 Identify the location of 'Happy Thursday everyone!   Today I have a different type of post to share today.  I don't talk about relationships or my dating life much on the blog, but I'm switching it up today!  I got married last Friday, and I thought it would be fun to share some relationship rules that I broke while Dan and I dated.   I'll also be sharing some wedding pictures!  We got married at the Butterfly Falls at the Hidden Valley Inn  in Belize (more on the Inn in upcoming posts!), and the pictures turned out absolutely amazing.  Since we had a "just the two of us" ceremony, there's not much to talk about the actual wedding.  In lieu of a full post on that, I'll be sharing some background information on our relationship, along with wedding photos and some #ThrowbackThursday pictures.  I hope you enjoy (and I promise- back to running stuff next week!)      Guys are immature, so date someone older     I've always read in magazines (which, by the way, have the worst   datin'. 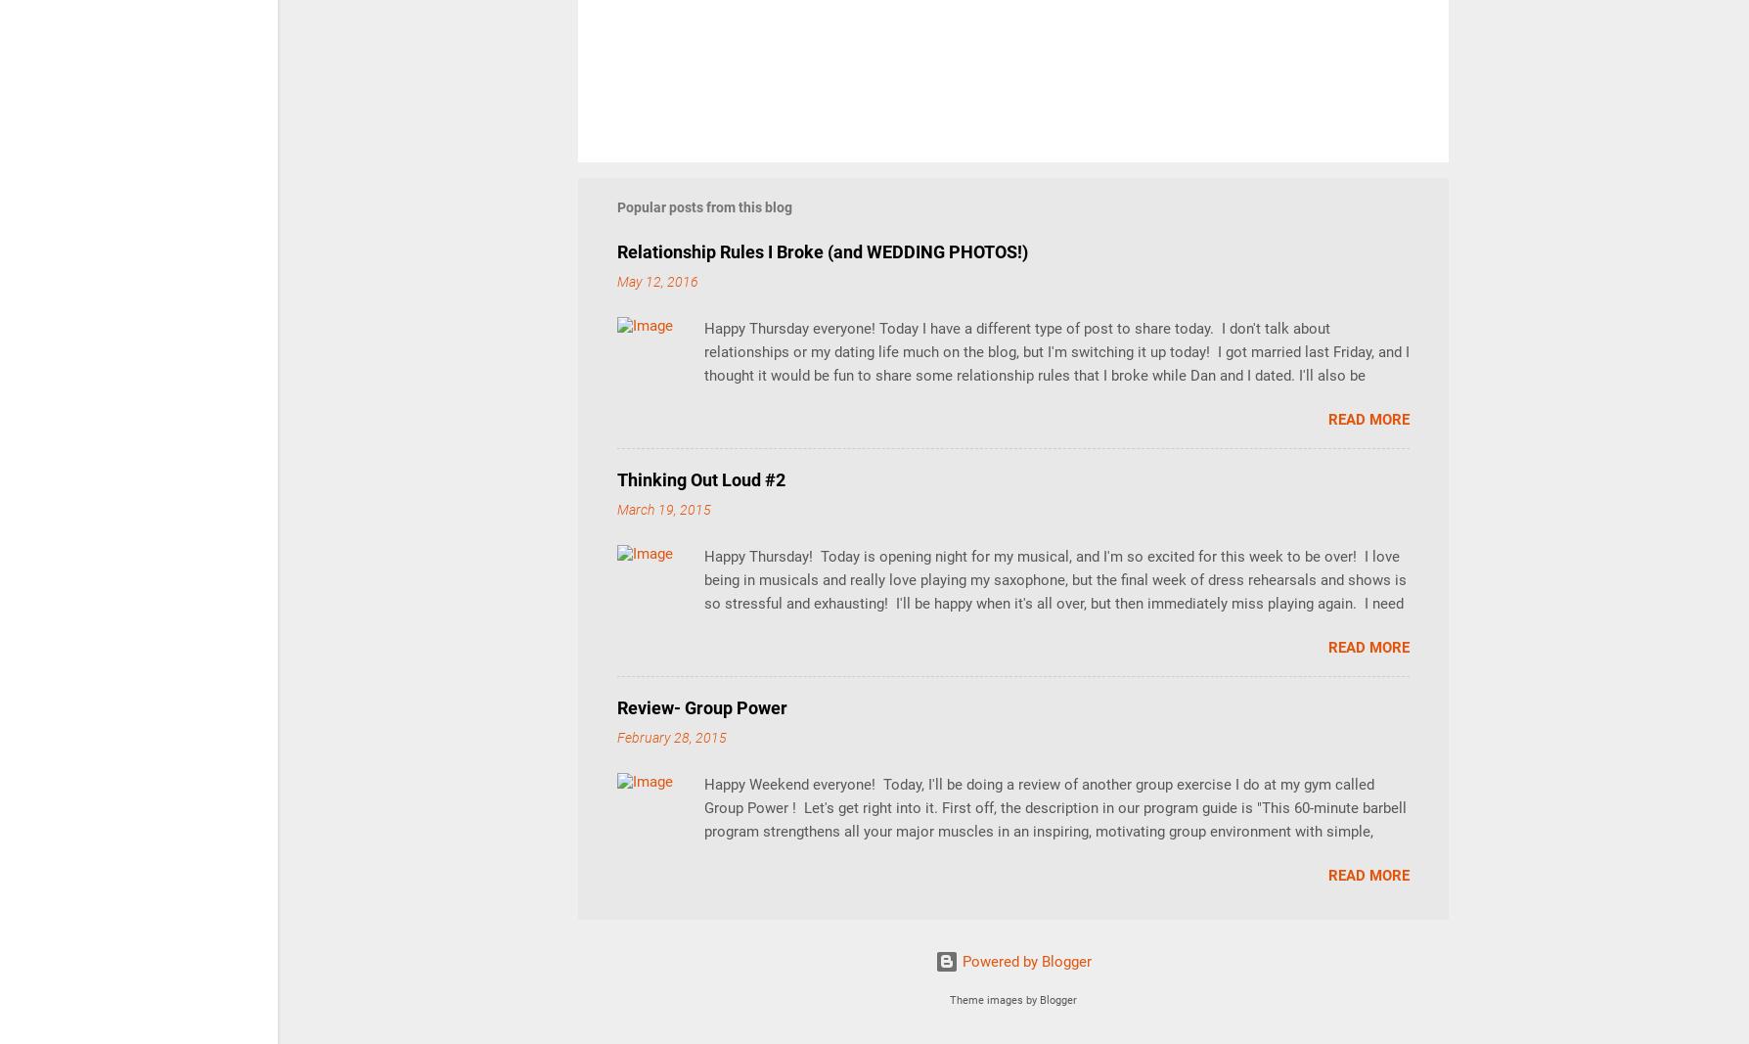
(703, 422).